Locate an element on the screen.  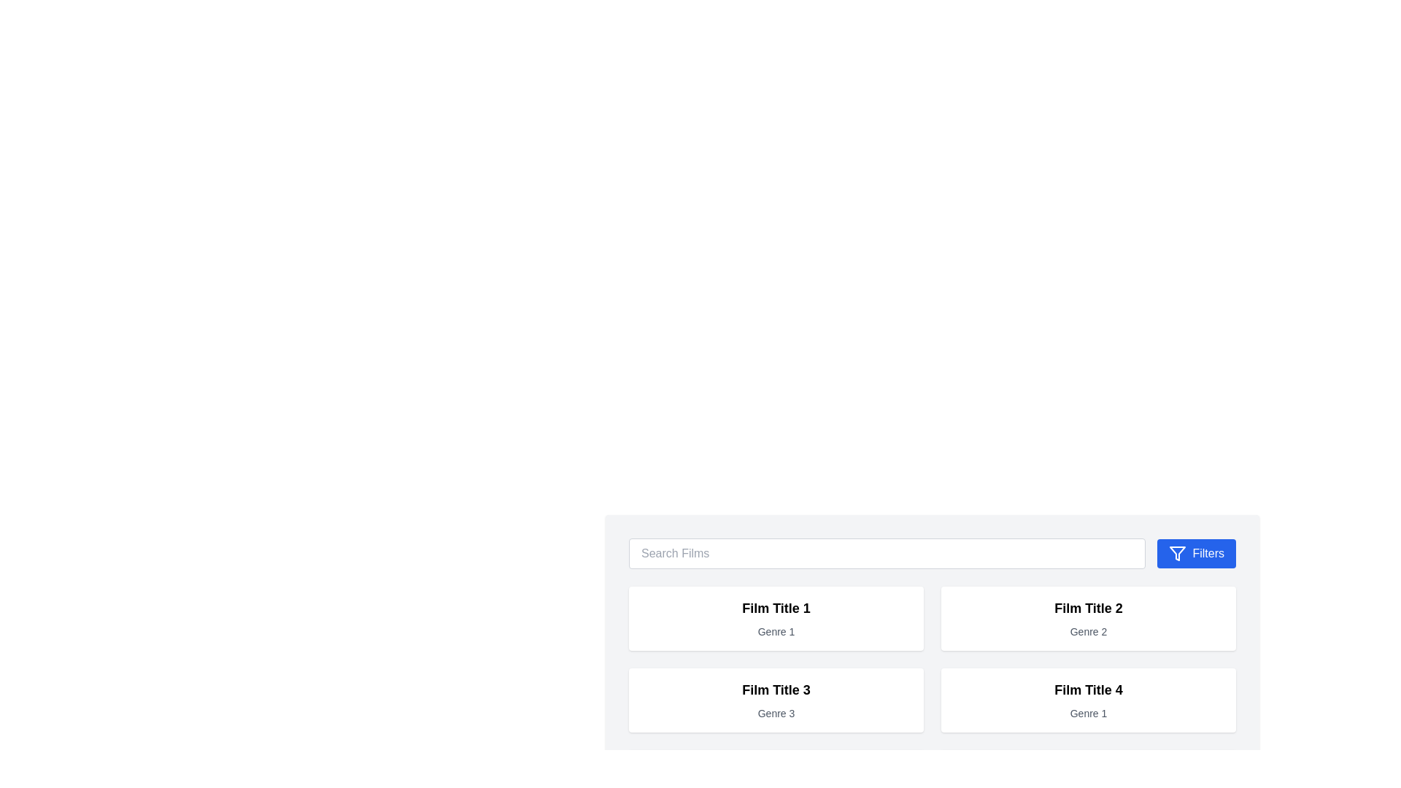
the Card component displaying 'Film Title 3' and its subheader 'Genre 3', which is the third card in the grid layout is located at coordinates (776, 700).